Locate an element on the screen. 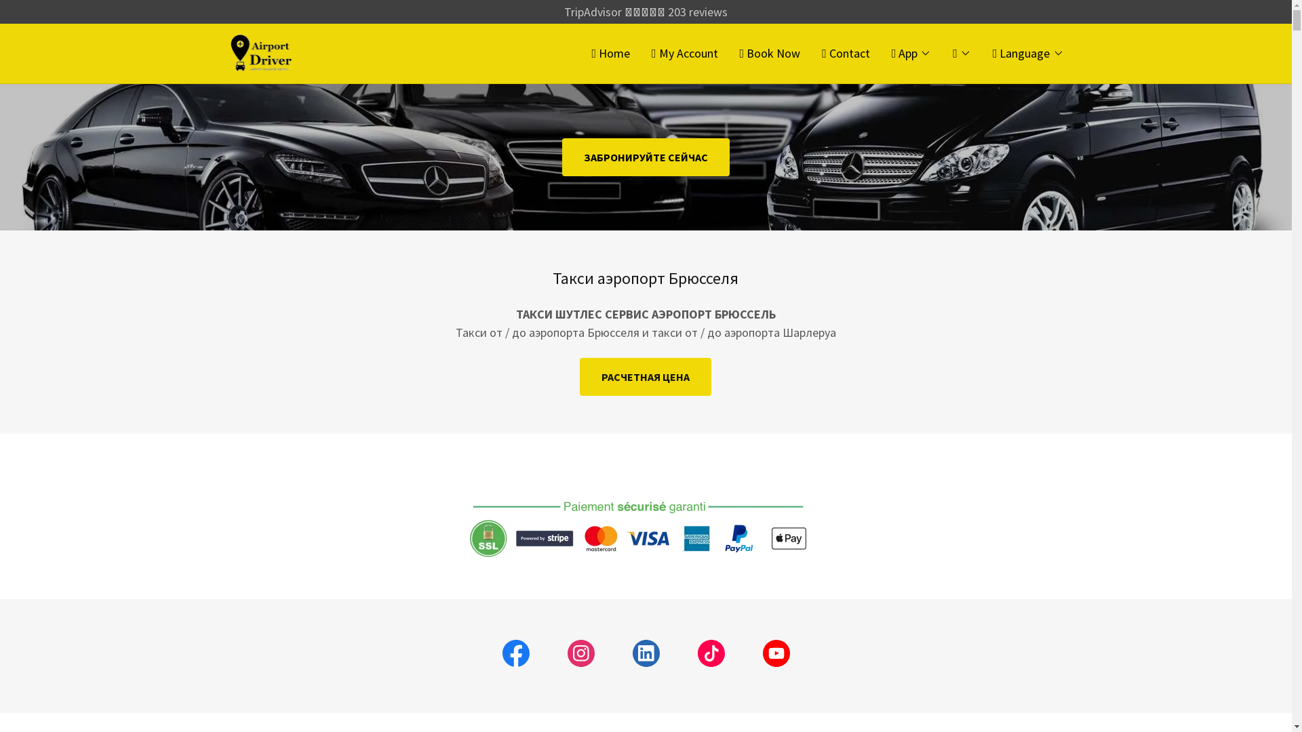 The height and width of the screenshot is (732, 1302). 'AIRPORT DRIVER ' is located at coordinates (228, 51).